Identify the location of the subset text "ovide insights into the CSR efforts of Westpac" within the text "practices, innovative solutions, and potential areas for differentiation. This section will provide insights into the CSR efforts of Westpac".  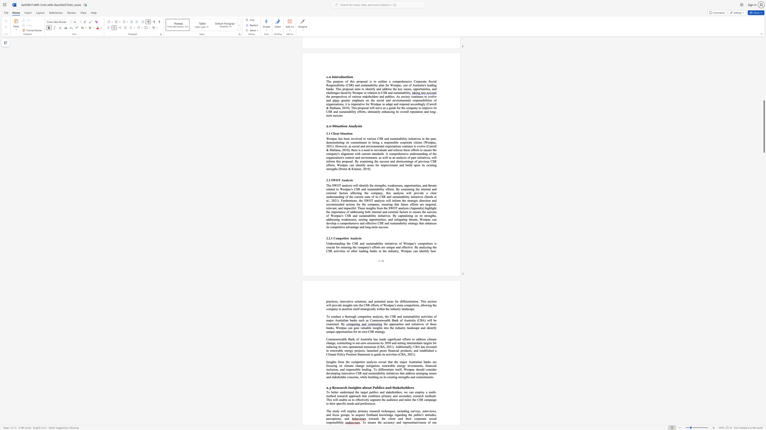
(334, 305).